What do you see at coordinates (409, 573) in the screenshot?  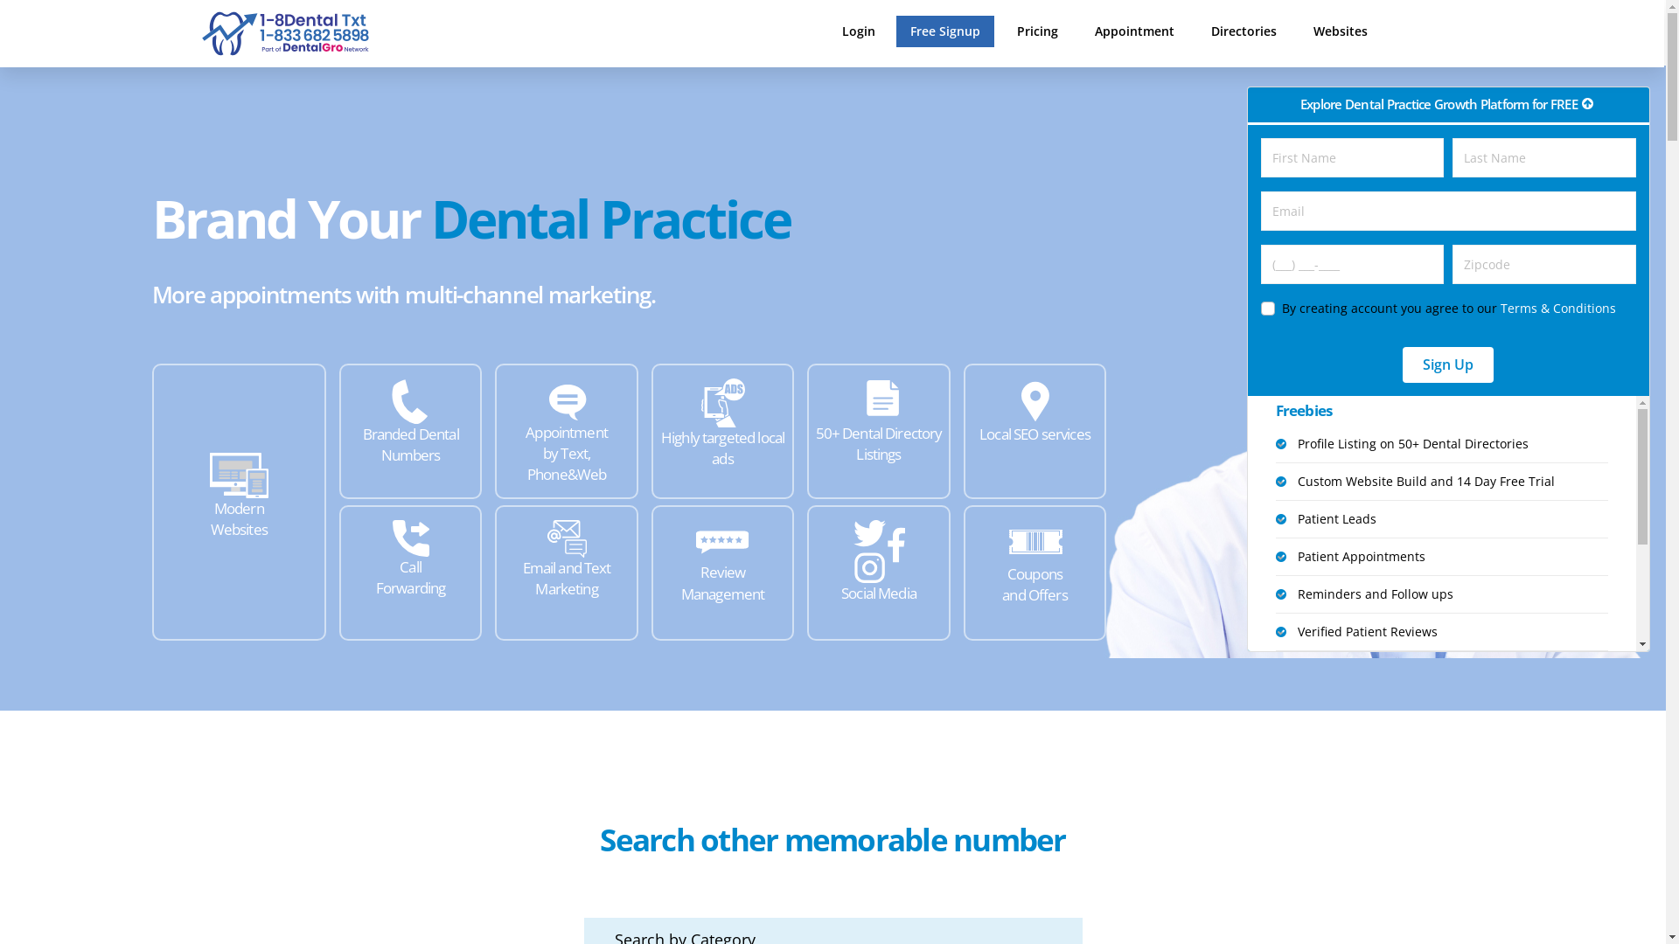 I see `'Call` at bounding box center [409, 573].